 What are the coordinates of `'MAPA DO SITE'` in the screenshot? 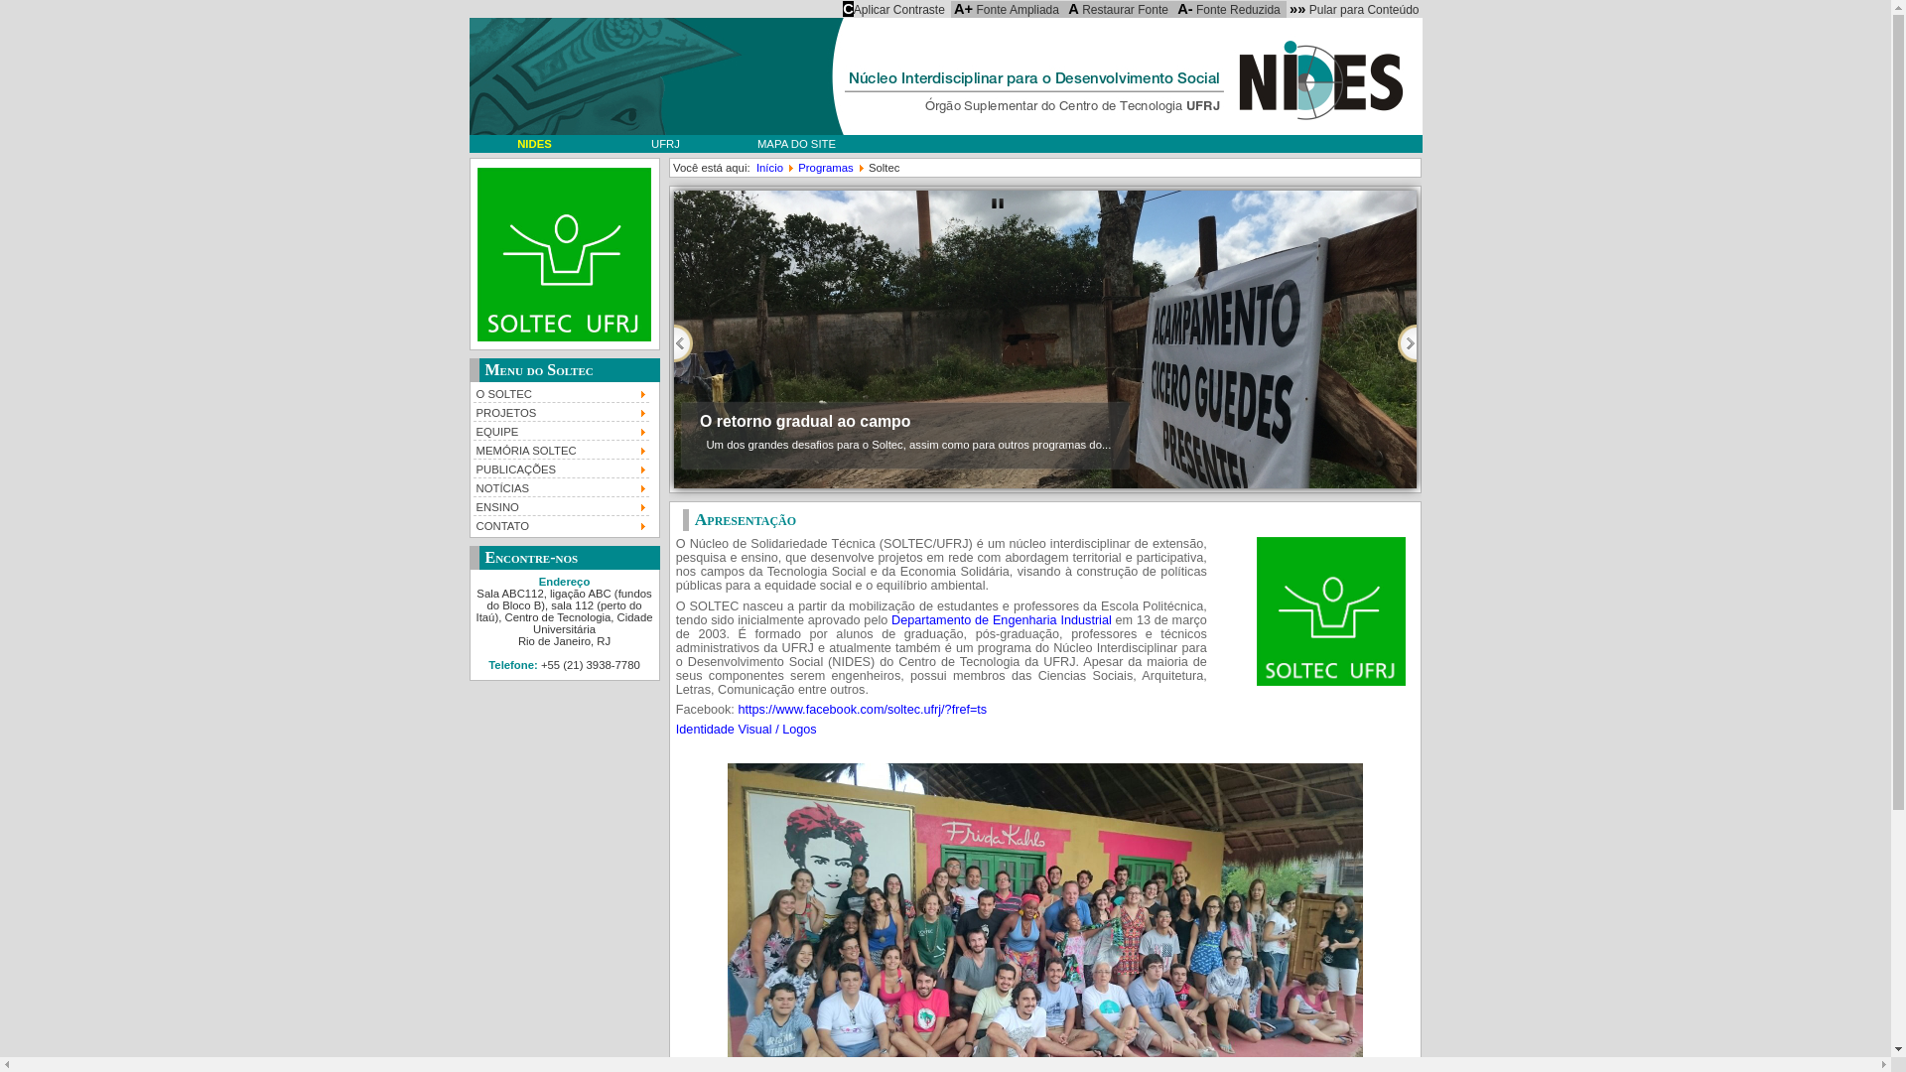 It's located at (795, 143).